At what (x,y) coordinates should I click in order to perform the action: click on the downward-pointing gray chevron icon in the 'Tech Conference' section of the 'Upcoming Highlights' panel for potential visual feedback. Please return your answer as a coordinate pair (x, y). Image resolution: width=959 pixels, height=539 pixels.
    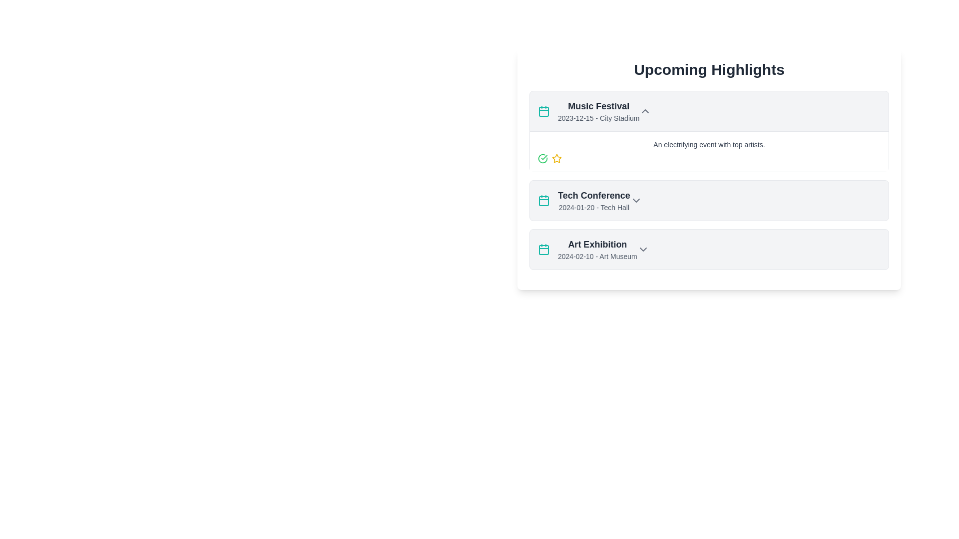
    Looking at the image, I should click on (635, 200).